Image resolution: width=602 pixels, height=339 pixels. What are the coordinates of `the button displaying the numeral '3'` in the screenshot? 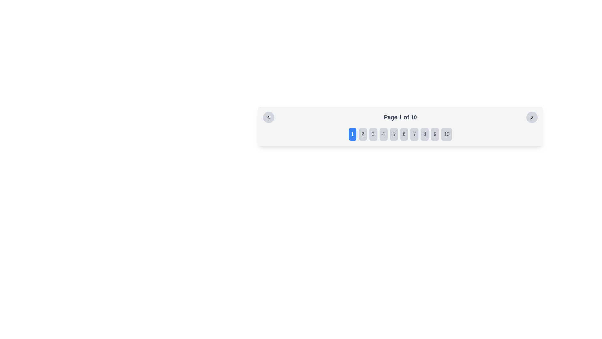 It's located at (373, 134).